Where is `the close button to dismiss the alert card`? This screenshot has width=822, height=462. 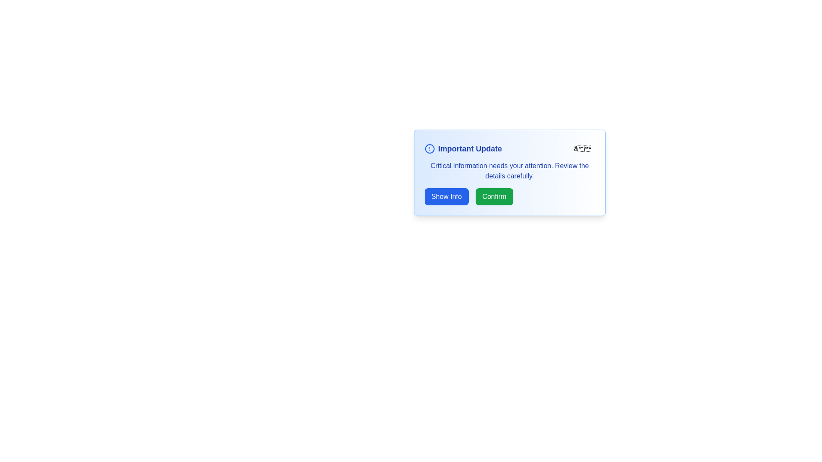 the close button to dismiss the alert card is located at coordinates (582, 148).